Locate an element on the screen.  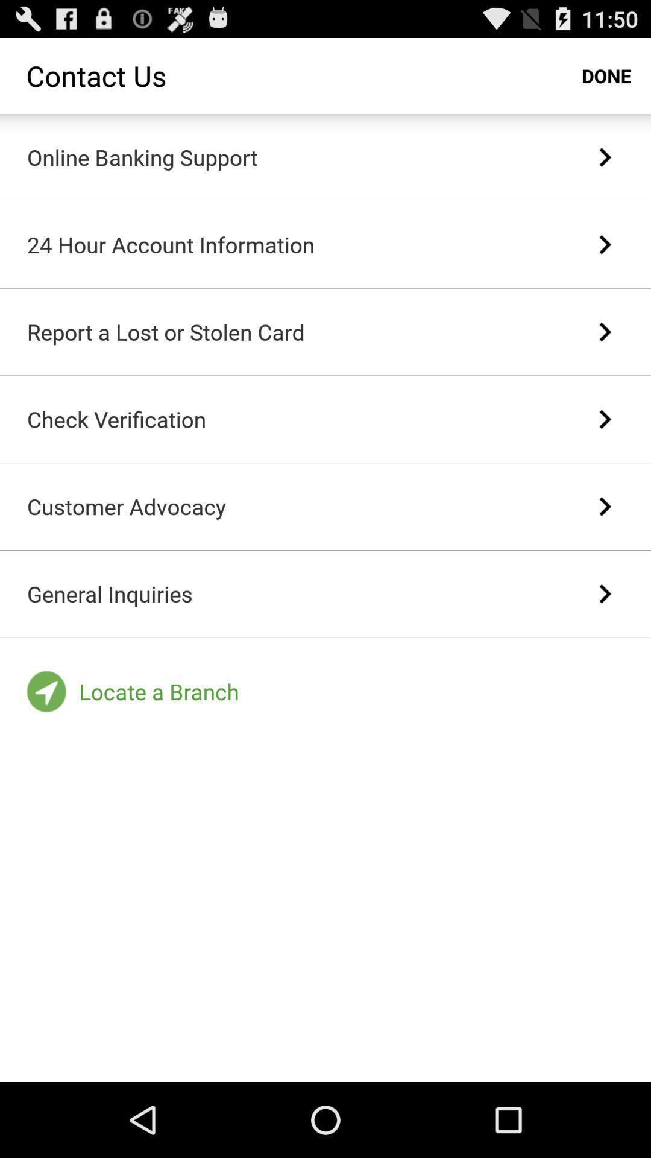
the report a lost item is located at coordinates (166, 332).